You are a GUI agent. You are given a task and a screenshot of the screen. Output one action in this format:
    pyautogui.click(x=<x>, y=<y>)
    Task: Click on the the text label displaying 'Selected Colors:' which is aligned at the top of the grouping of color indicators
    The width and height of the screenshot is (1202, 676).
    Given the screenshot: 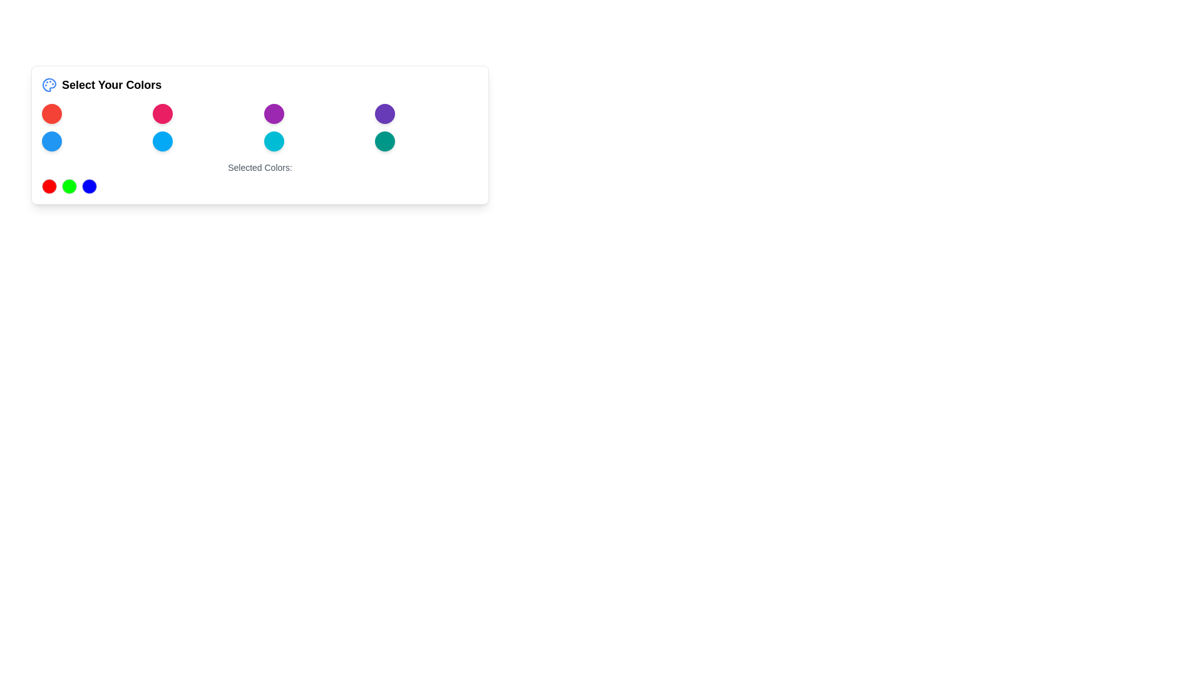 What is the action you would take?
    pyautogui.click(x=259, y=166)
    